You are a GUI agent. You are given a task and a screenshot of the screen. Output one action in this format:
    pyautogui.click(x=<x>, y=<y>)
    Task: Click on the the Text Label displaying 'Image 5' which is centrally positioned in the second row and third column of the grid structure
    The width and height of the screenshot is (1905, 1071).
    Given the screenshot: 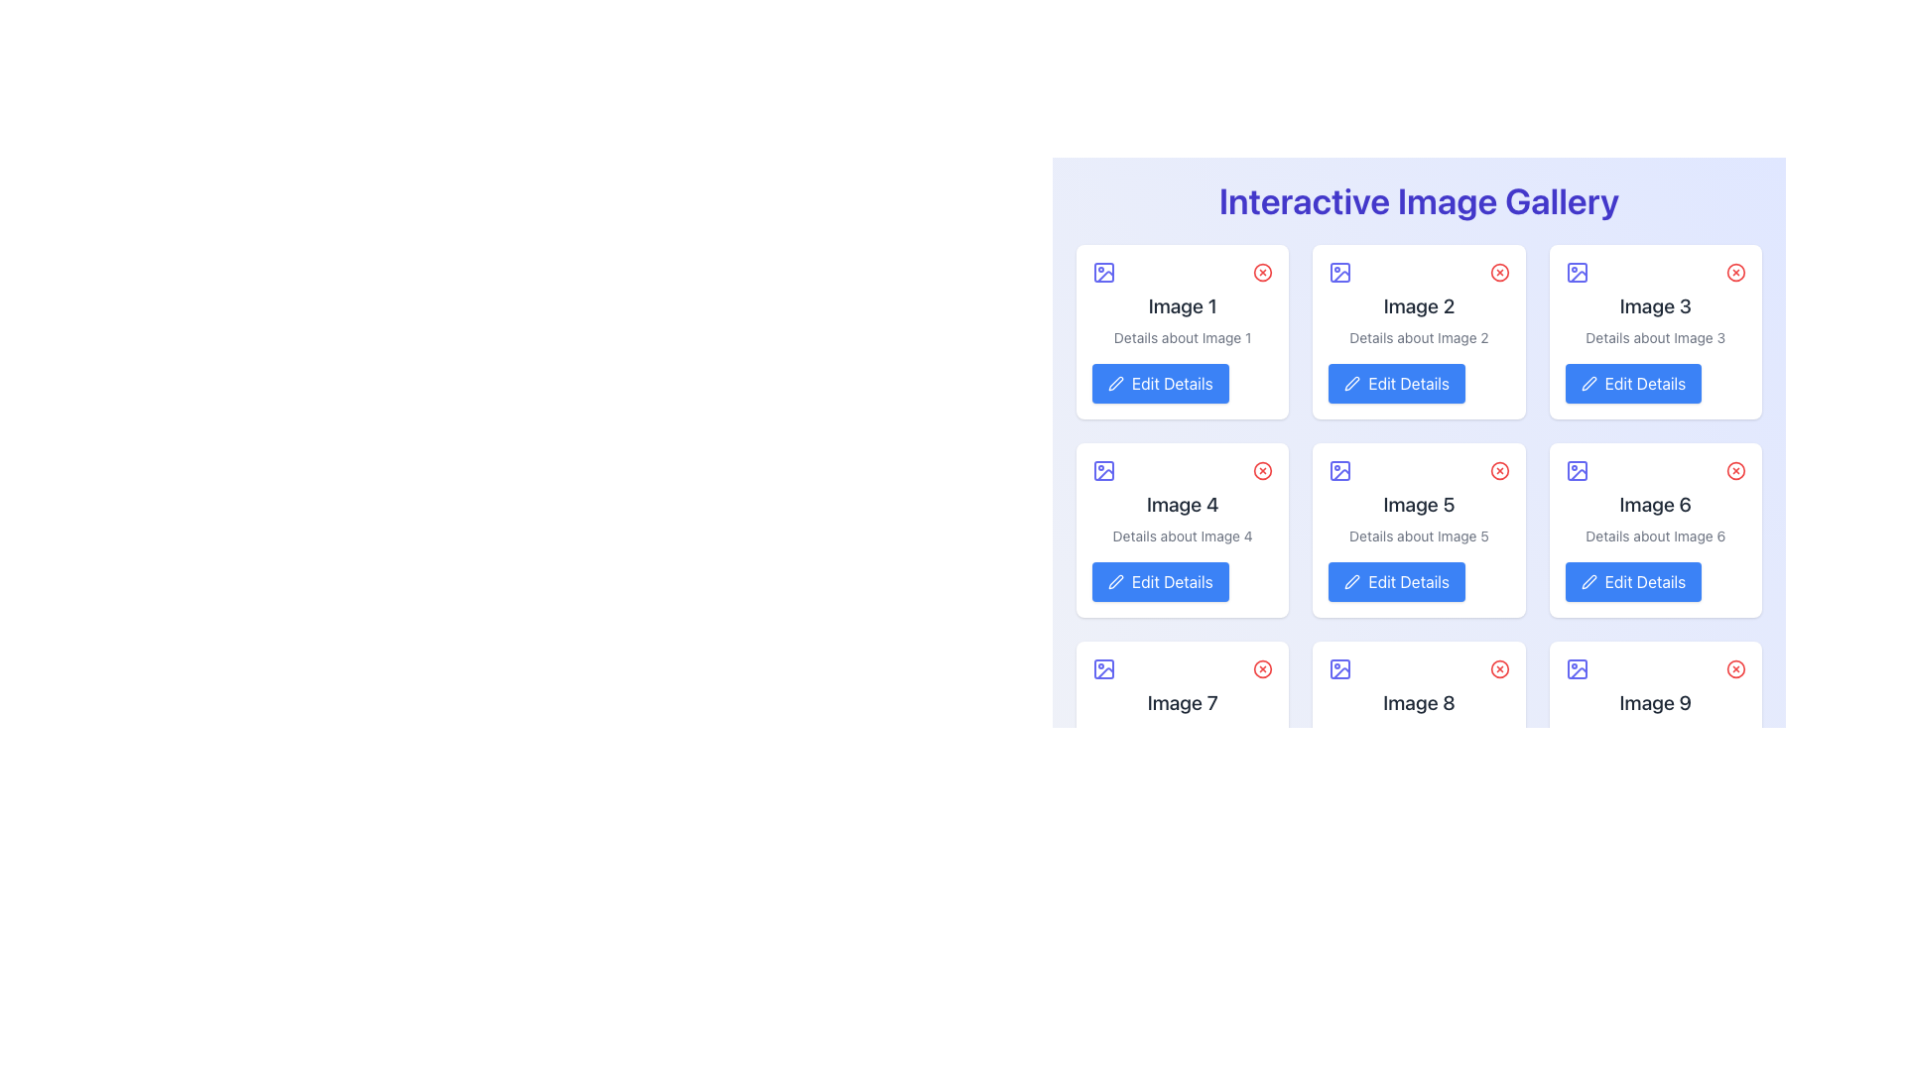 What is the action you would take?
    pyautogui.click(x=1418, y=504)
    